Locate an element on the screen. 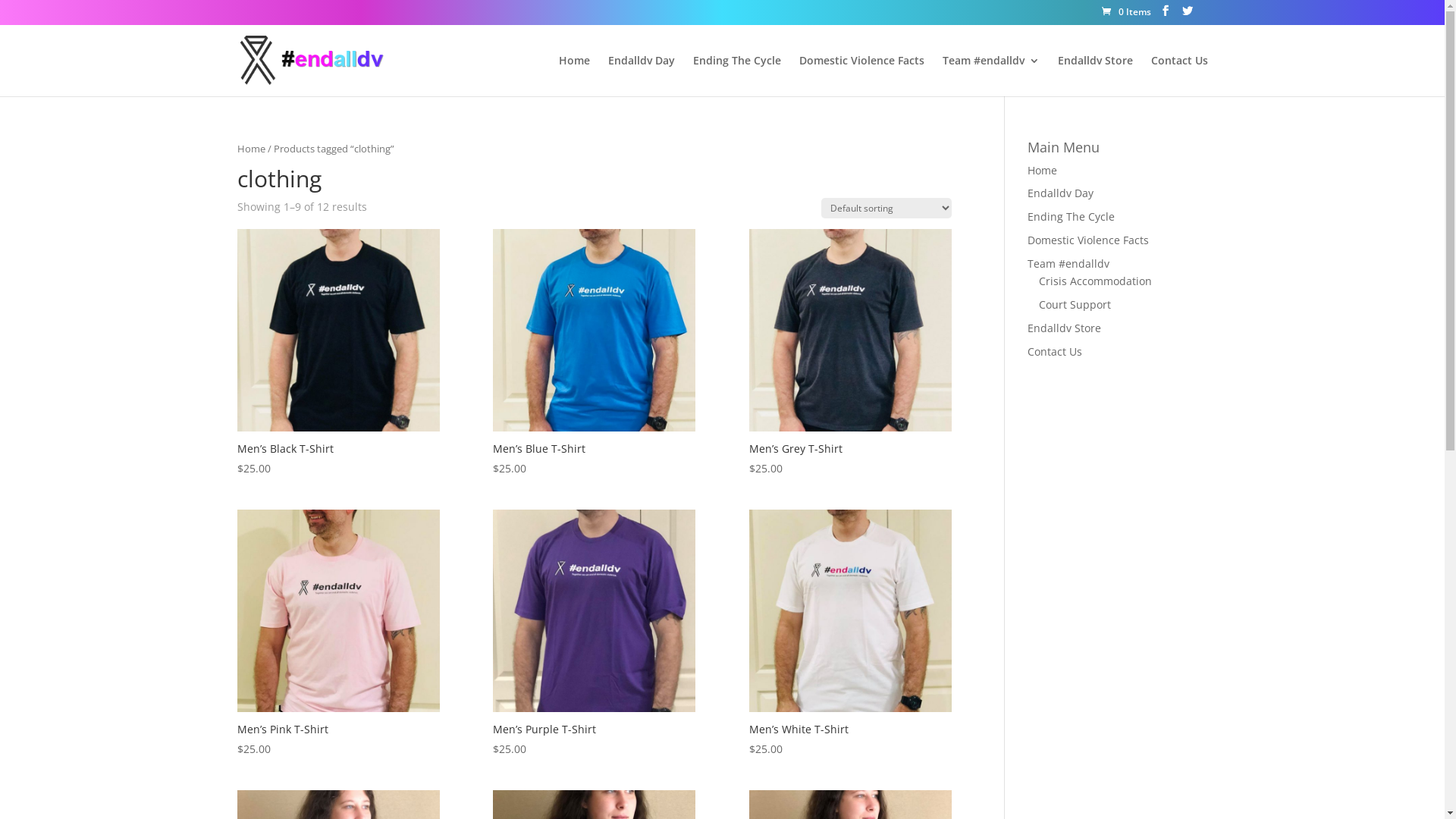  'Team #endalldv' is located at coordinates (1068, 262).